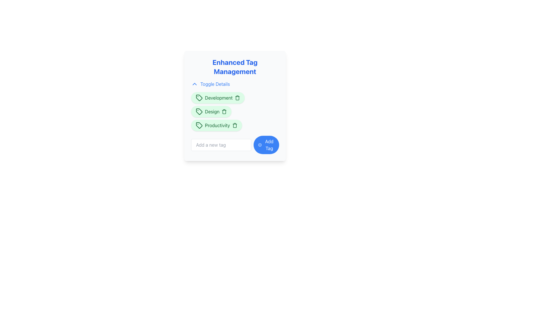 This screenshot has height=310, width=552. What do you see at coordinates (199, 112) in the screenshot?
I see `green tag icon located to the left of the text 'Design' in the 'Enhanced Tag Management' section` at bounding box center [199, 112].